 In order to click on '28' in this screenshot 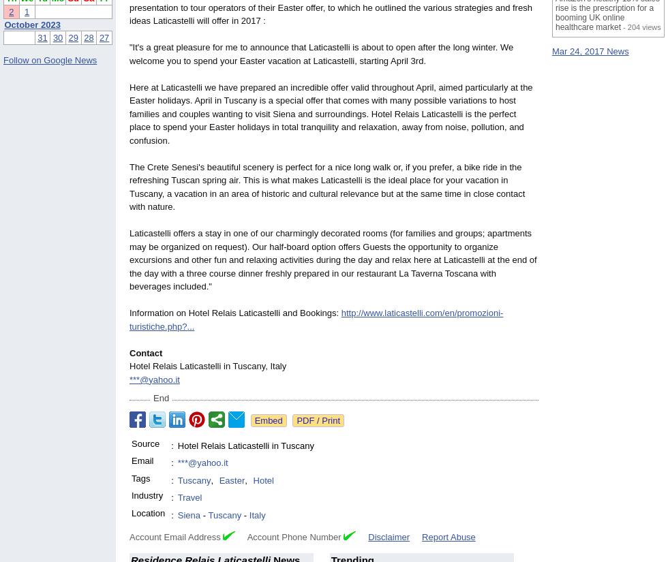, I will do `click(89, 37)`.